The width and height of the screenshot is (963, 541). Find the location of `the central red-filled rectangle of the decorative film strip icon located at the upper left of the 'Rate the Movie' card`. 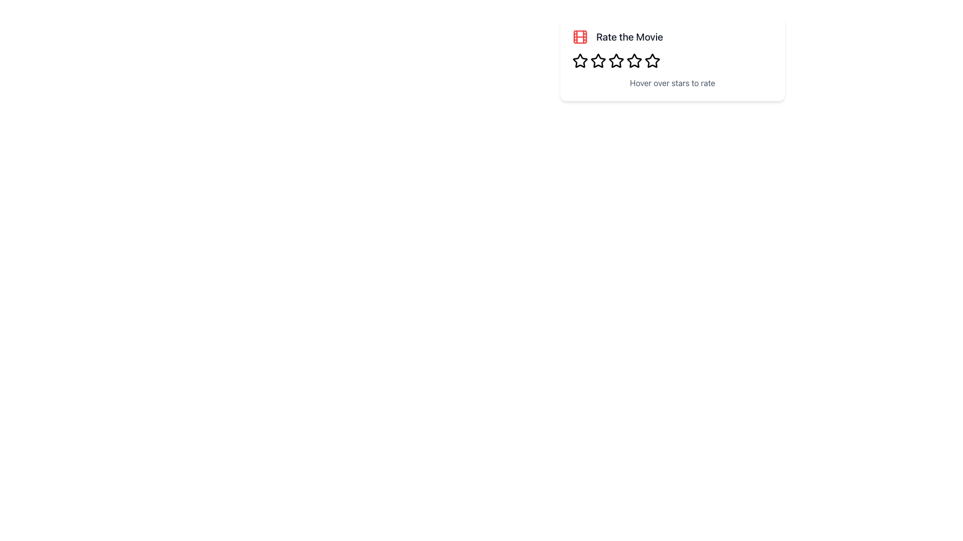

the central red-filled rectangle of the decorative film strip icon located at the upper left of the 'Rate the Movie' card is located at coordinates (580, 36).